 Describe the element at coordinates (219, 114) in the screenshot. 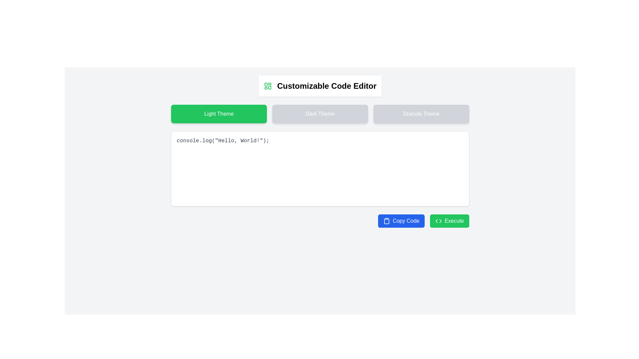

I see `the 'Light Theme' button located at the top left of the three horizontally aligned buttons to observe any hover effects` at that location.